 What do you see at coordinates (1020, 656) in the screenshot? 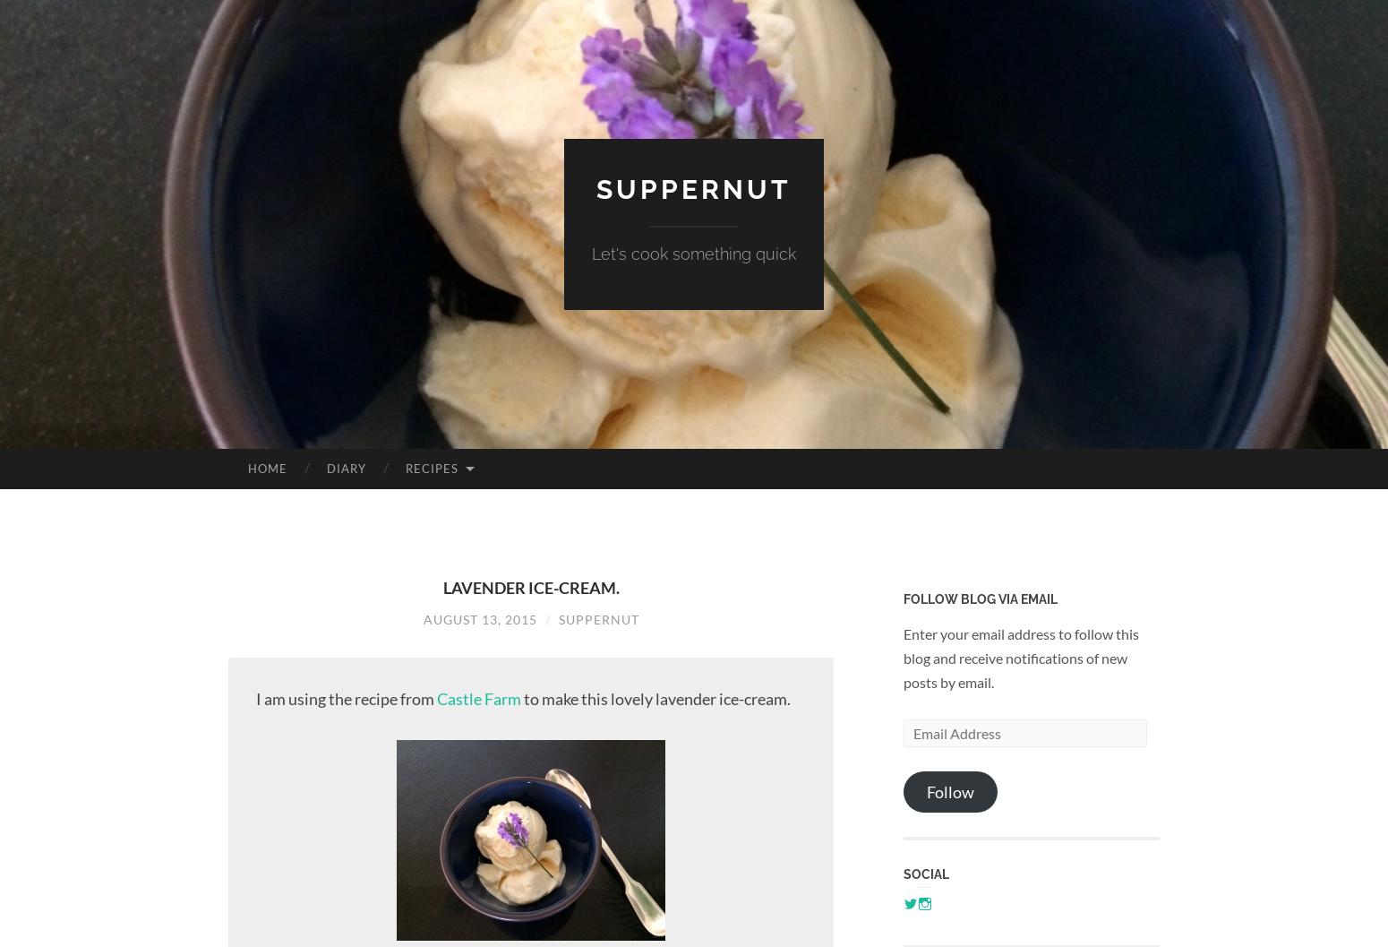
I see `'Enter your email address to follow this blog and receive notifications of new posts by email.'` at bounding box center [1020, 656].